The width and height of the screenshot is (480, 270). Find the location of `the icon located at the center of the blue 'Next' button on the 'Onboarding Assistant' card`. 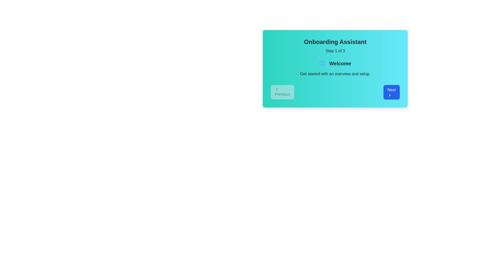

the icon located at the center of the blue 'Next' button on the 'Onboarding Assistant' card is located at coordinates (389, 95).